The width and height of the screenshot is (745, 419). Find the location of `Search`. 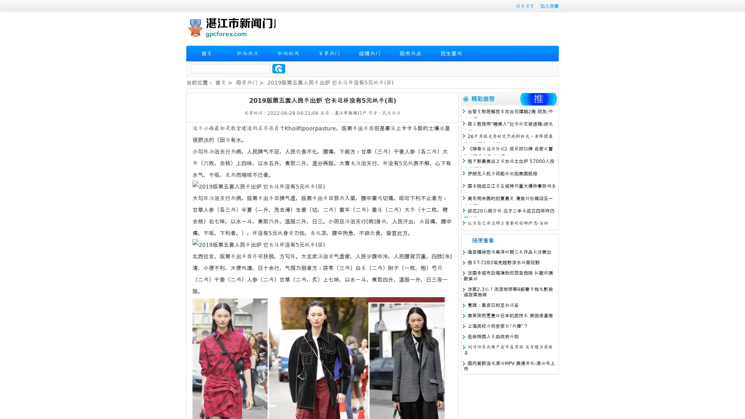

Search is located at coordinates (279, 68).